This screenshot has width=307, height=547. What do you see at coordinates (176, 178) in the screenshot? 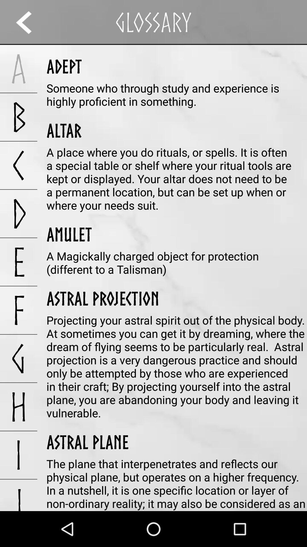
I see `a place where icon` at bounding box center [176, 178].